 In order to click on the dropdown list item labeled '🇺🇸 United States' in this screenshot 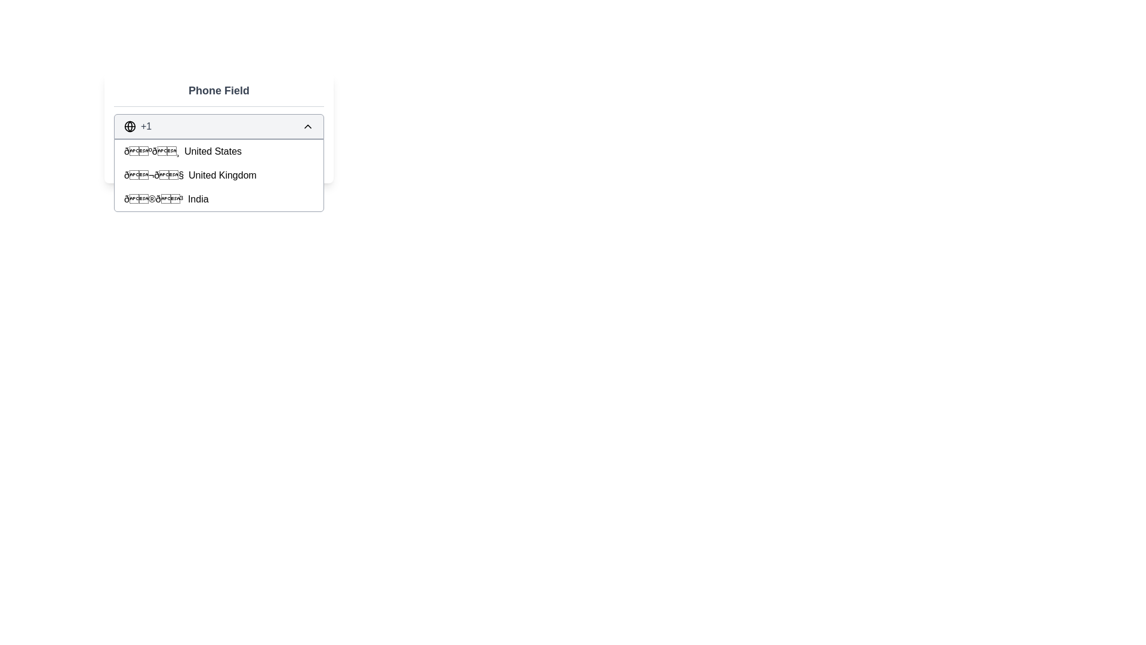, I will do `click(218, 151)`.